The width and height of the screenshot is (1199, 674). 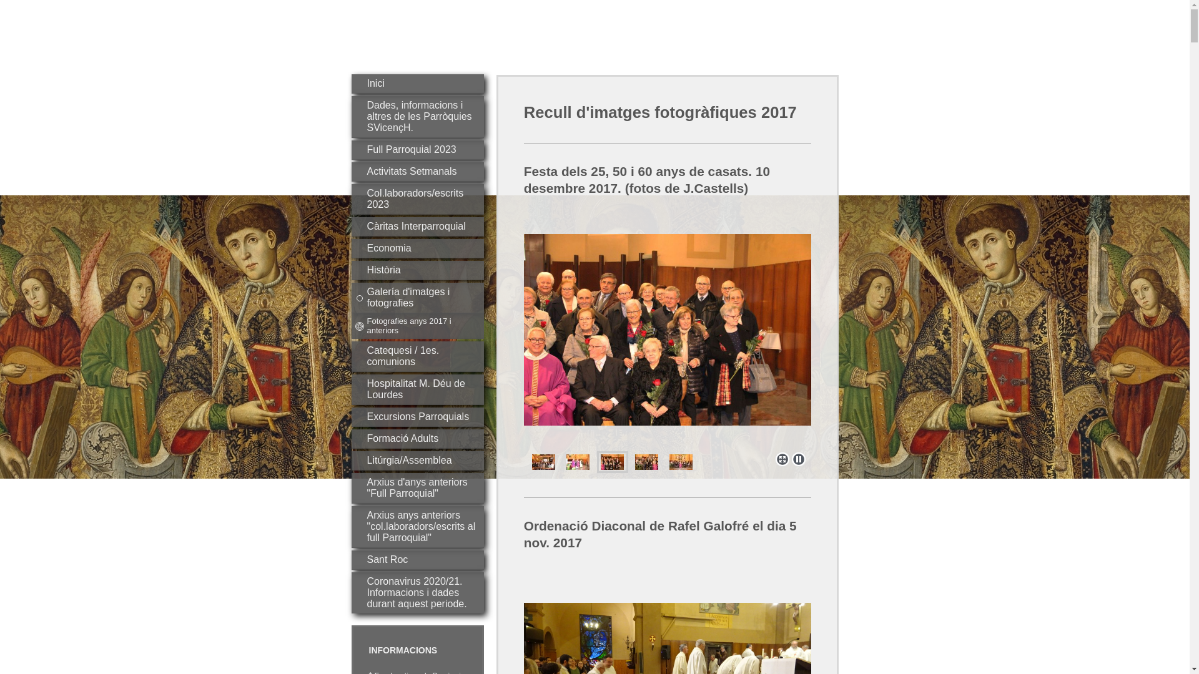 What do you see at coordinates (417, 248) in the screenshot?
I see `'Economia'` at bounding box center [417, 248].